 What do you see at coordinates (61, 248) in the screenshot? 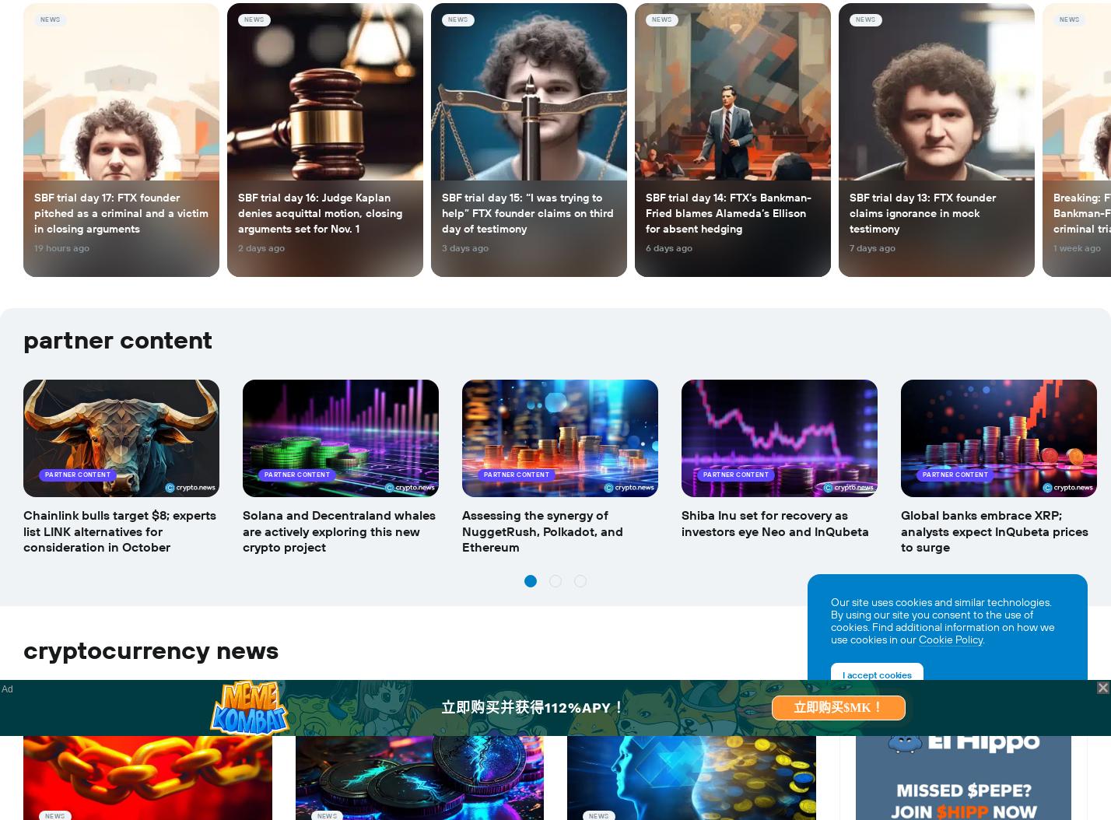
I see `'19 hours ago'` at bounding box center [61, 248].